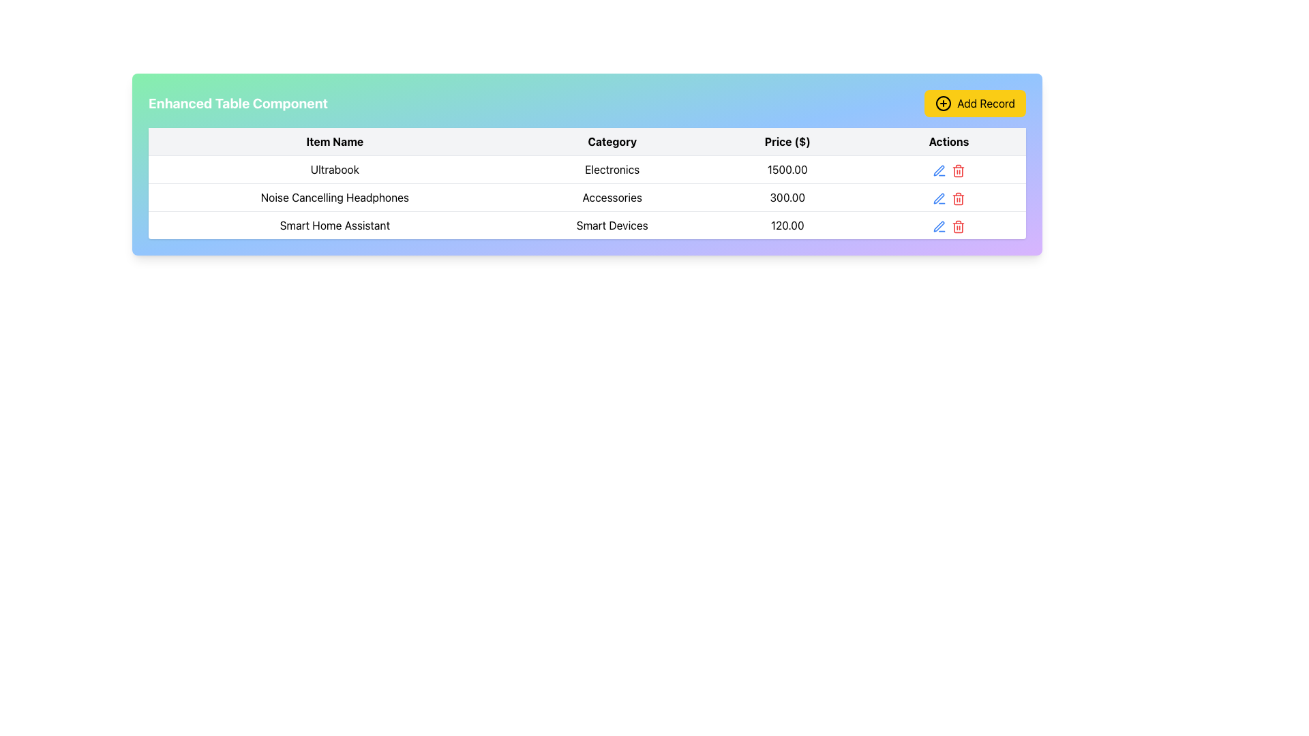  I want to click on the first red trash bin icon button in the 'Actions' column of the table, which aligns with the 'Ultrabook' entry, so click(957, 170).